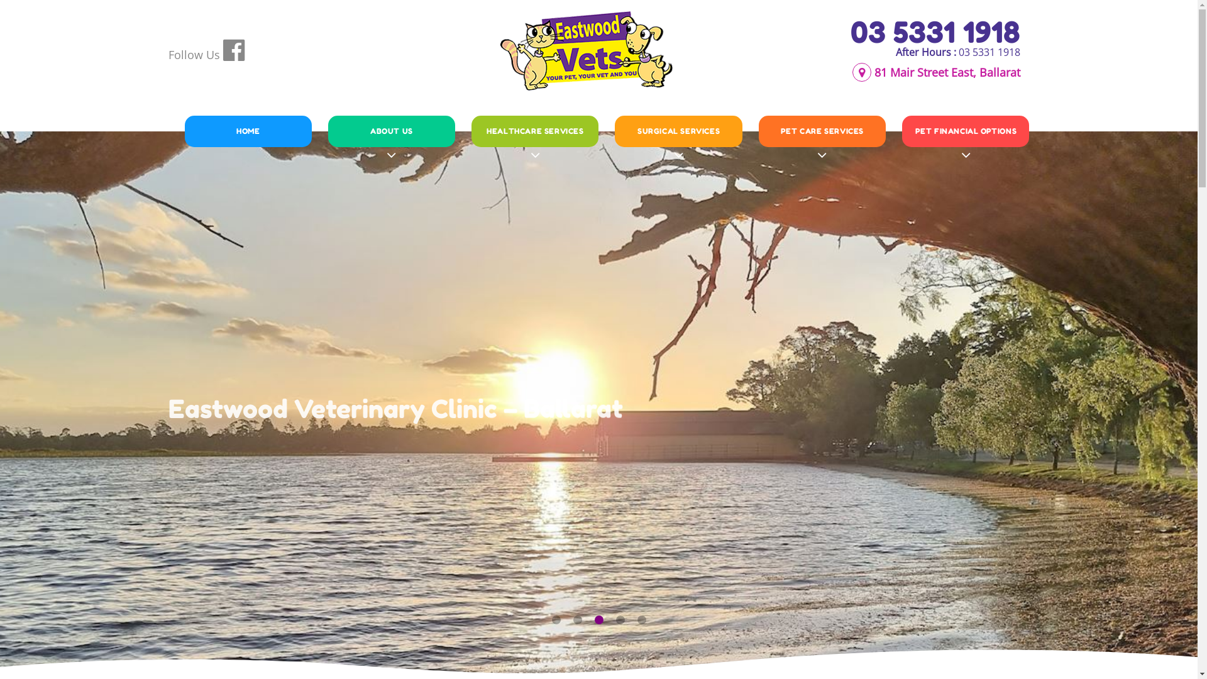 The width and height of the screenshot is (1207, 679). Describe the element at coordinates (192, 131) in the screenshot. I see `'HOME'` at that location.